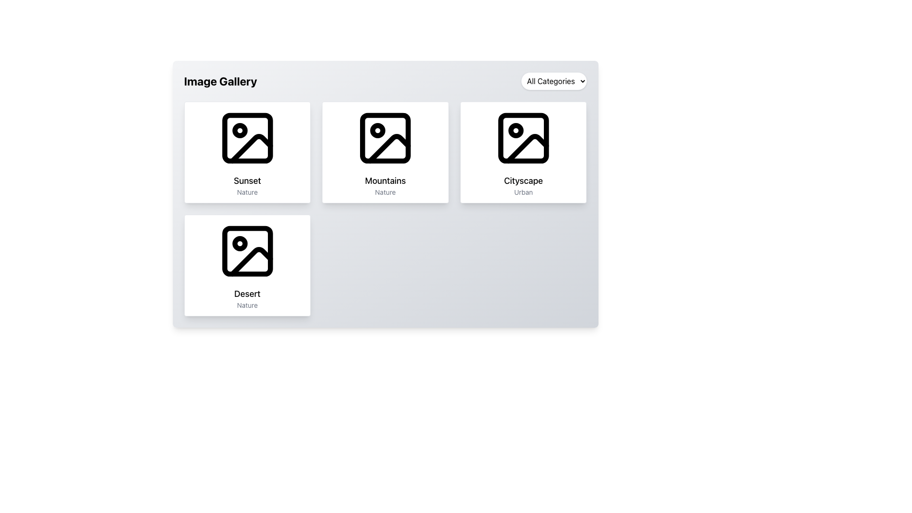 The image size is (912, 513). What do you see at coordinates (247, 305) in the screenshot?
I see `the static text label 'Nature' which is styled with a smaller font size and gray color, located below the larger text 'Desert' within the card-like component` at bounding box center [247, 305].